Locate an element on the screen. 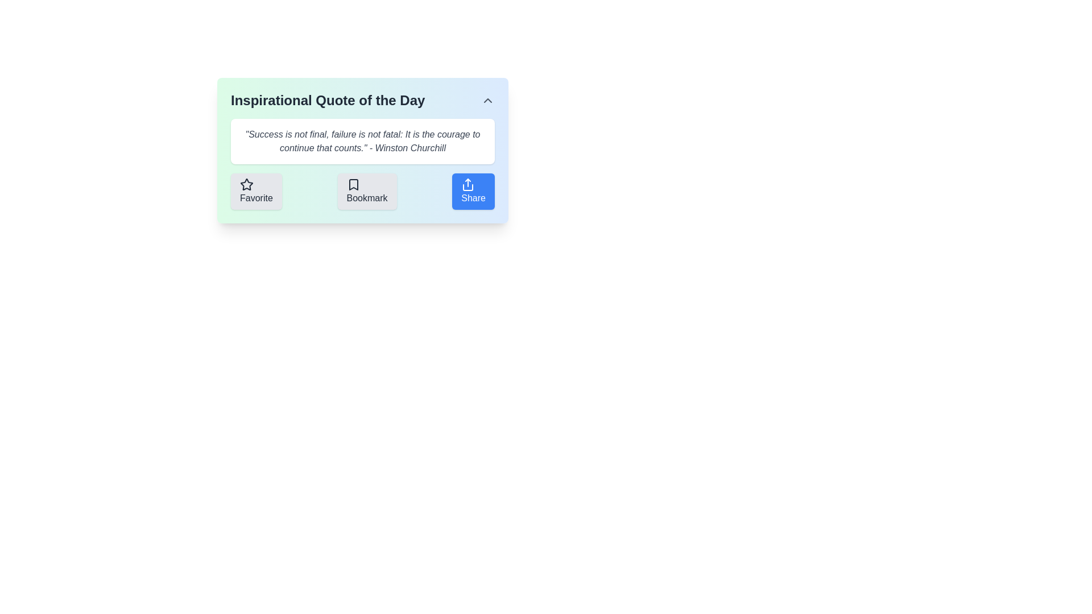 The width and height of the screenshot is (1092, 614). the prominently styled title labeled 'Inspirational Quote of the Day' located at the top of the content card is located at coordinates (327, 100).